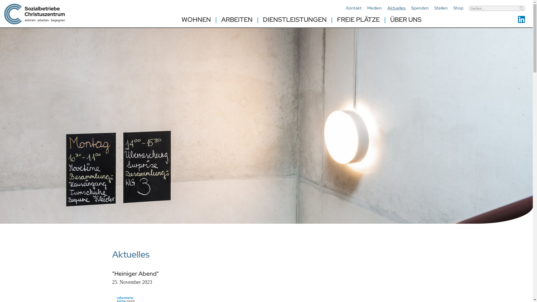  What do you see at coordinates (458, 8) in the screenshot?
I see `'Shop'` at bounding box center [458, 8].